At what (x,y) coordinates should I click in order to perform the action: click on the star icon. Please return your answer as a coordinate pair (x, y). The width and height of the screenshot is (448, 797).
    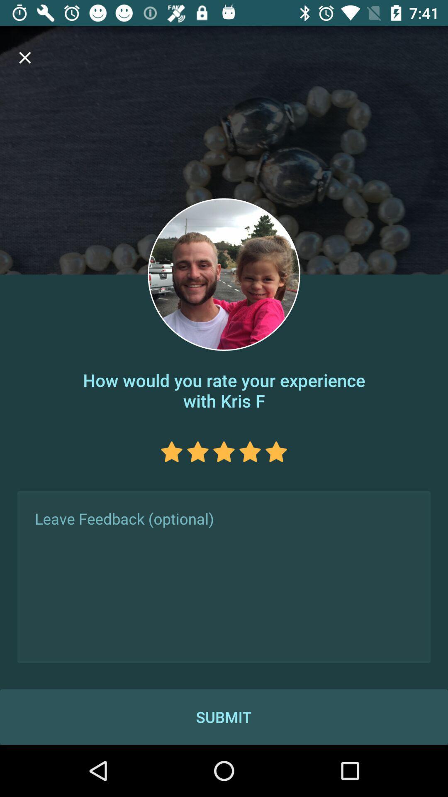
    Looking at the image, I should click on (198, 451).